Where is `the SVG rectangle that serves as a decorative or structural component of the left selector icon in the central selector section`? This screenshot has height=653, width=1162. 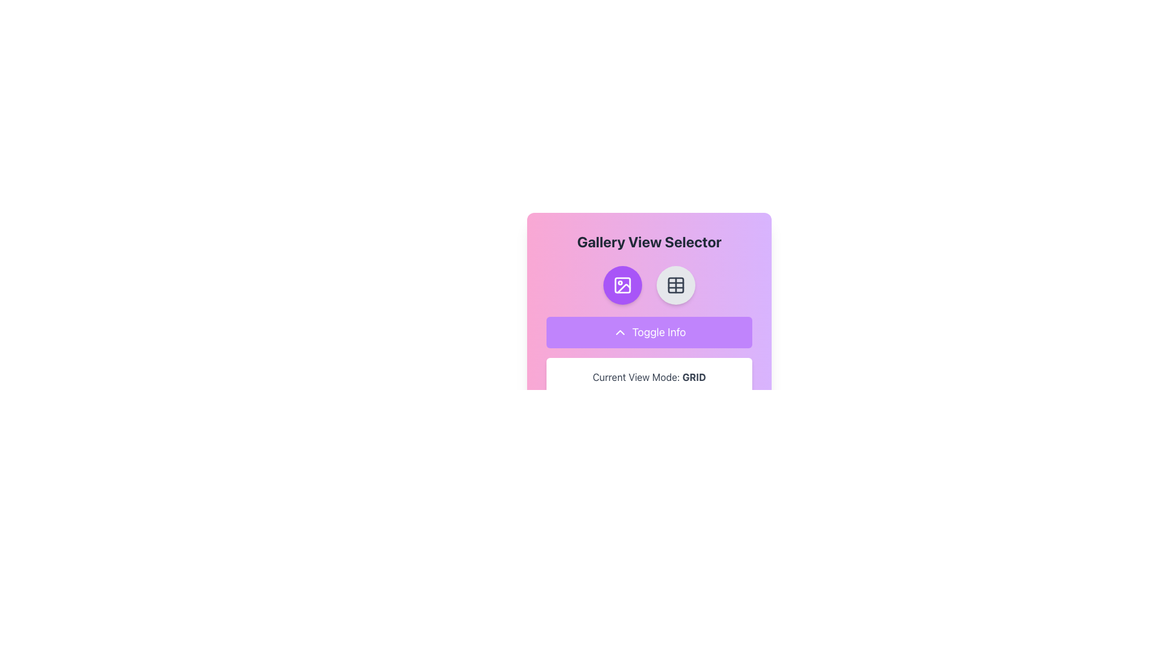 the SVG rectangle that serves as a decorative or structural component of the left selector icon in the central selector section is located at coordinates (622, 285).